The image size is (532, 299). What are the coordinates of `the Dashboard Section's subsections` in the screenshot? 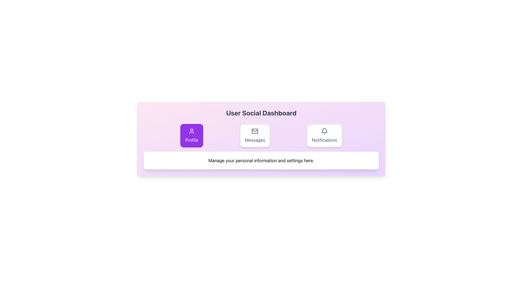 It's located at (261, 138).